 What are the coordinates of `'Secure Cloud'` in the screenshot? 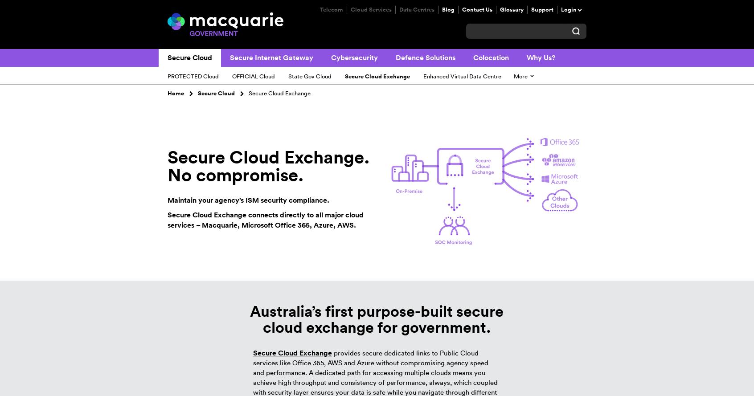 It's located at (197, 93).